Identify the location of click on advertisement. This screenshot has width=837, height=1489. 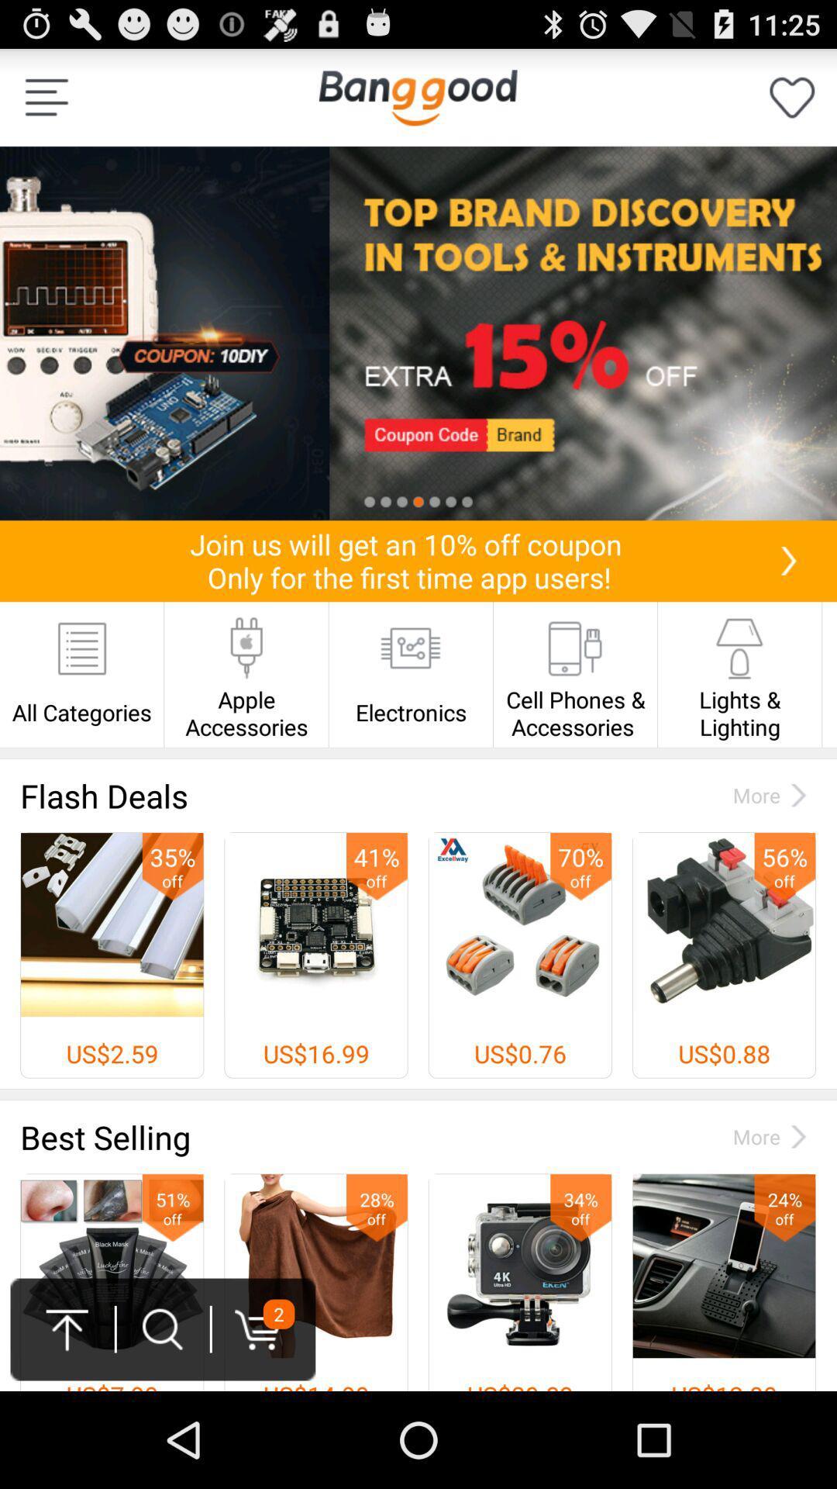
(418, 333).